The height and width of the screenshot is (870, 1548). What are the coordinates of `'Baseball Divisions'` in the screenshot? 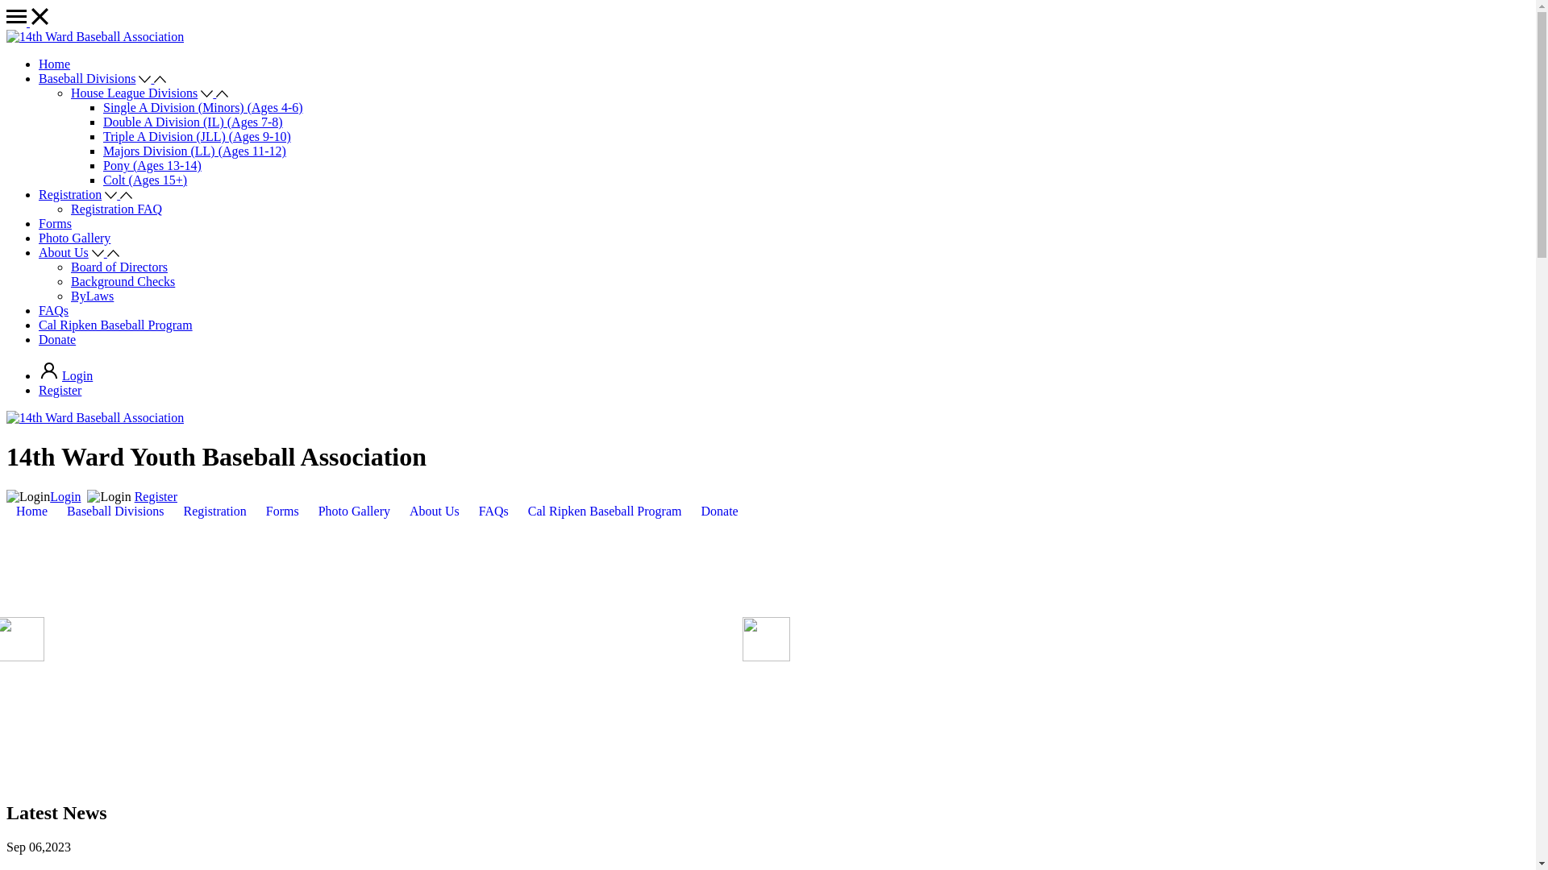 It's located at (114, 512).